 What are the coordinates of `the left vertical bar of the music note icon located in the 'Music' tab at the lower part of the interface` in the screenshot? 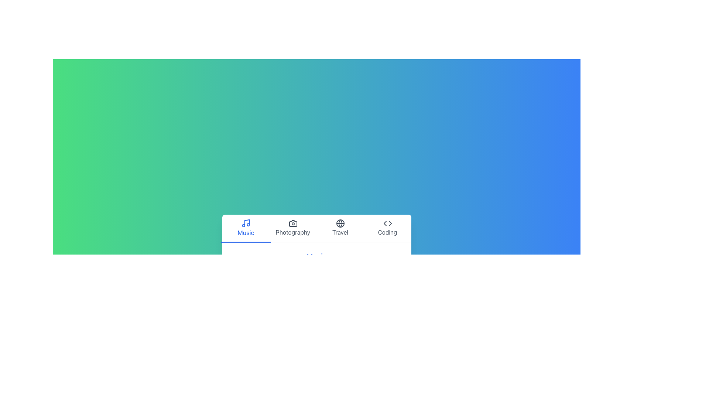 It's located at (247, 222).